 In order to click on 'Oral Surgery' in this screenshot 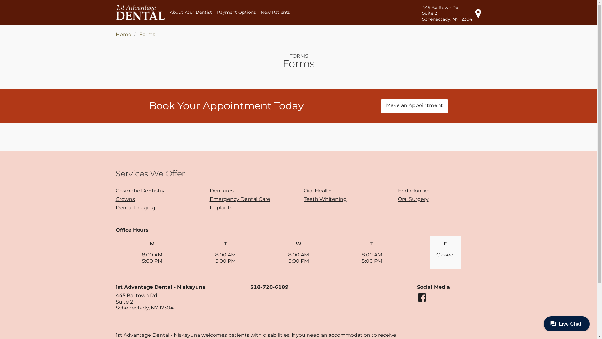, I will do `click(413, 199)`.